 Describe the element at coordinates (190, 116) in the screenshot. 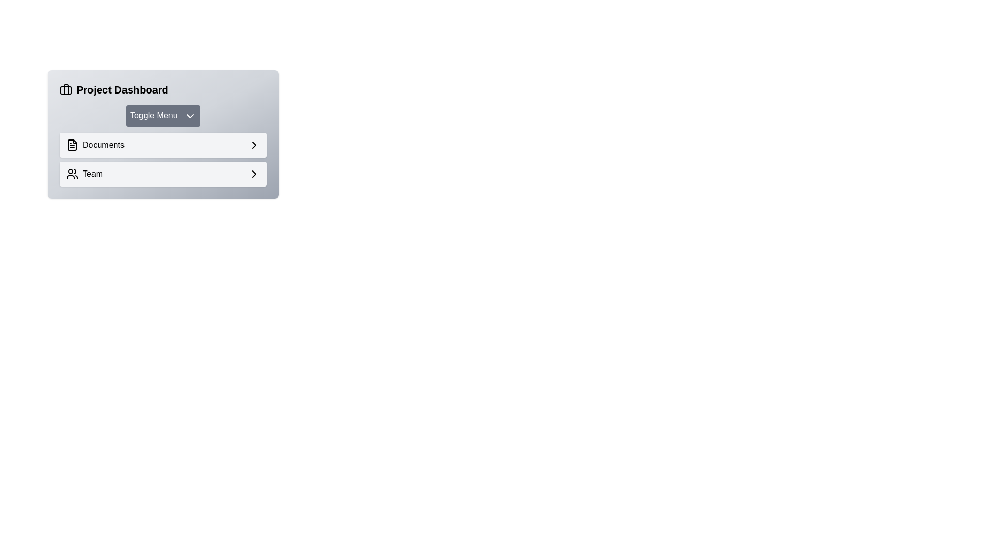

I see `the downwards chevron arrow icon indicating a dropdown menu, located to the right of the 'Toggle Menu' text` at that location.